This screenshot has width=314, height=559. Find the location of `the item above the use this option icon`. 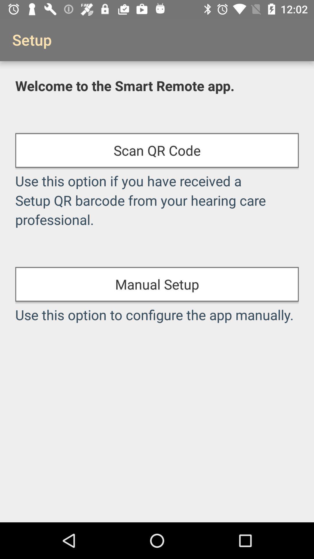

the item above the use this option icon is located at coordinates (157, 150).